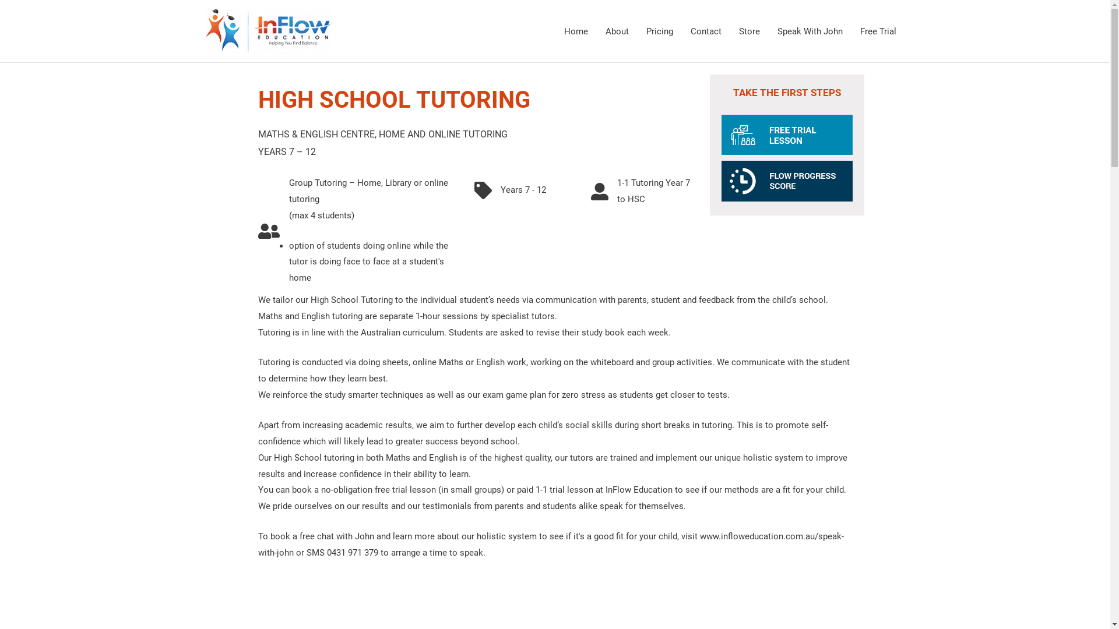 Image resolution: width=1119 pixels, height=629 pixels. What do you see at coordinates (808, 30) in the screenshot?
I see `'Speak With John'` at bounding box center [808, 30].